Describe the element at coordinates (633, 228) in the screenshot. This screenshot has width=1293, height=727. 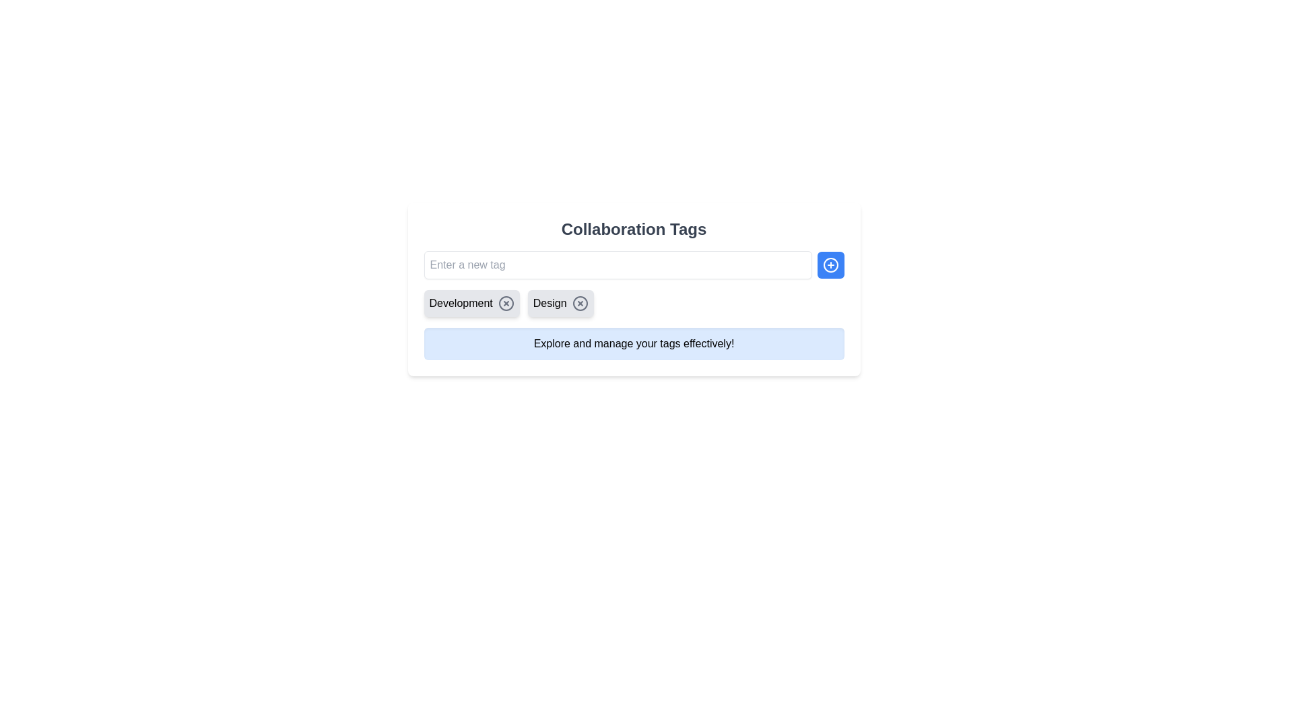
I see `the header text block that indicates 'Collaboration Tags' at the top-center of the interface` at that location.